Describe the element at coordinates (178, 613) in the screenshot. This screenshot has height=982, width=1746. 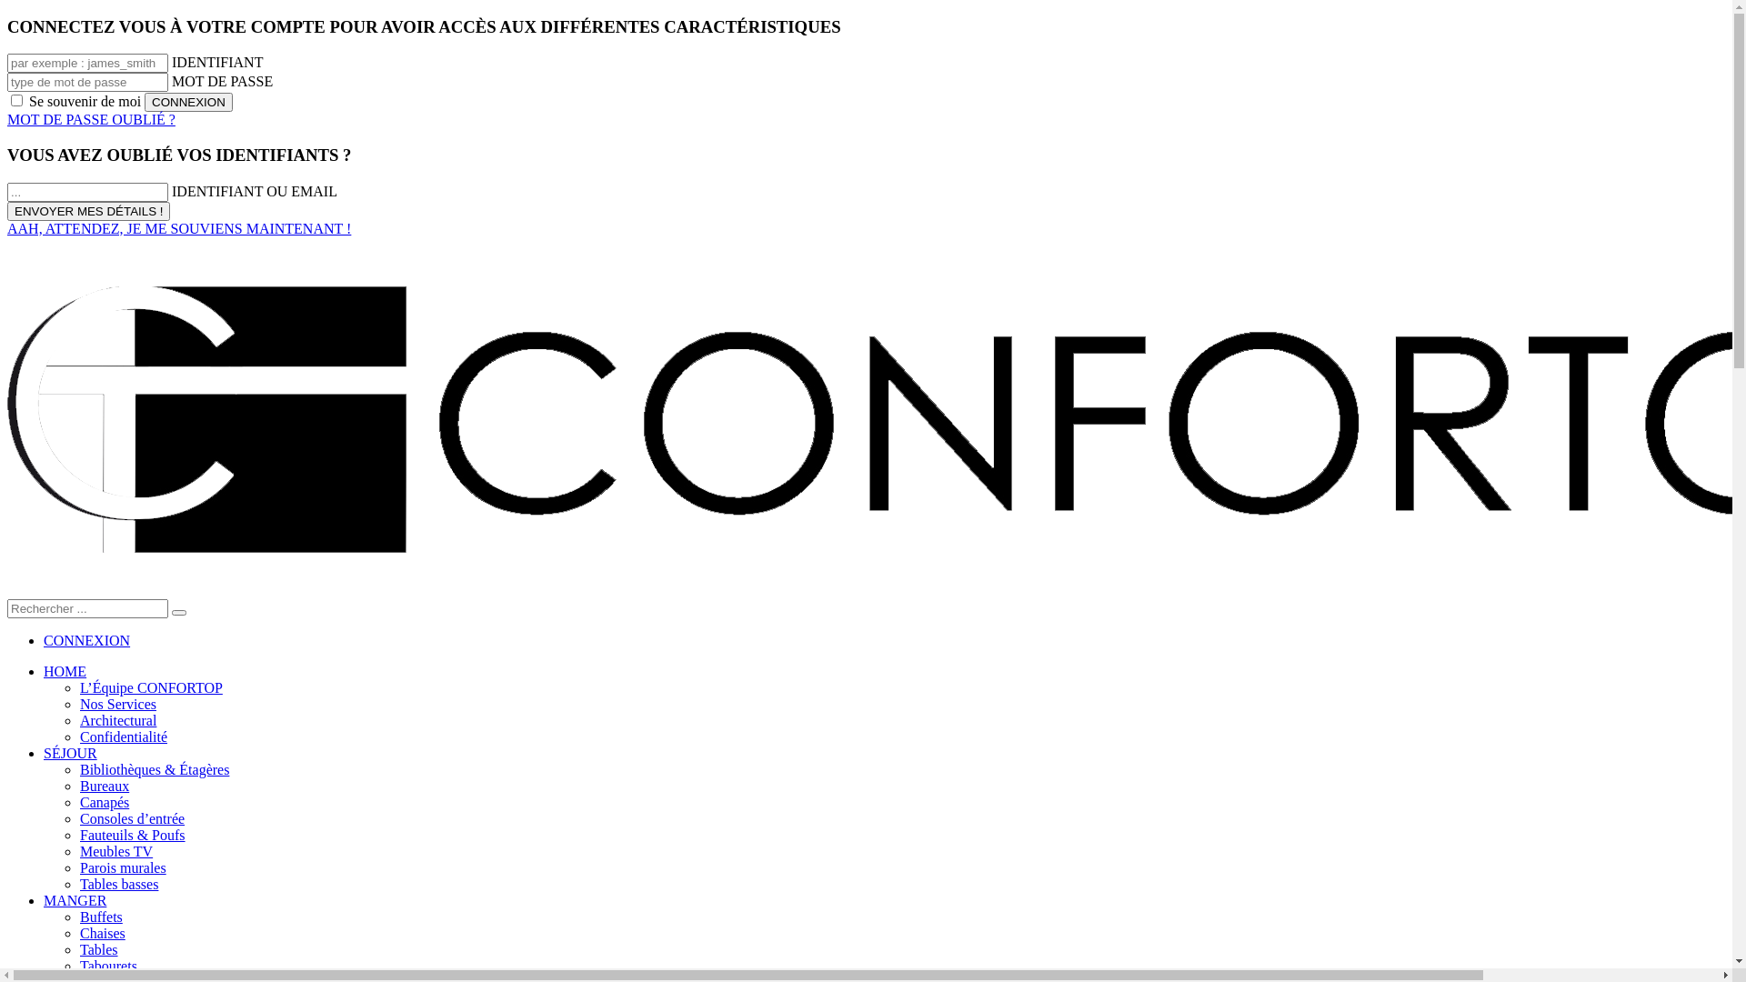
I see `'go'` at that location.